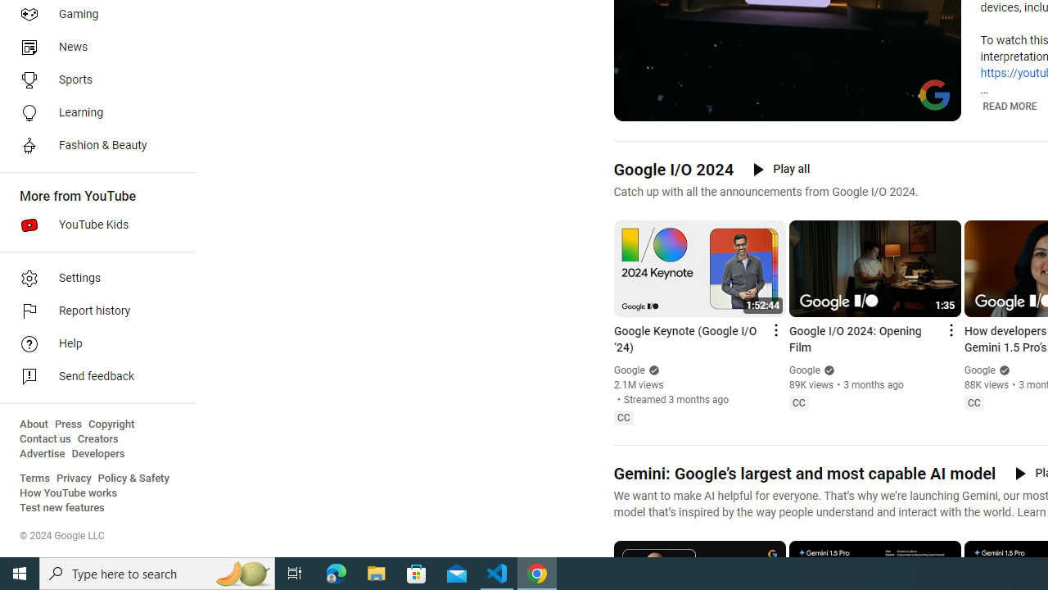  What do you see at coordinates (34, 424) in the screenshot?
I see `'About'` at bounding box center [34, 424].